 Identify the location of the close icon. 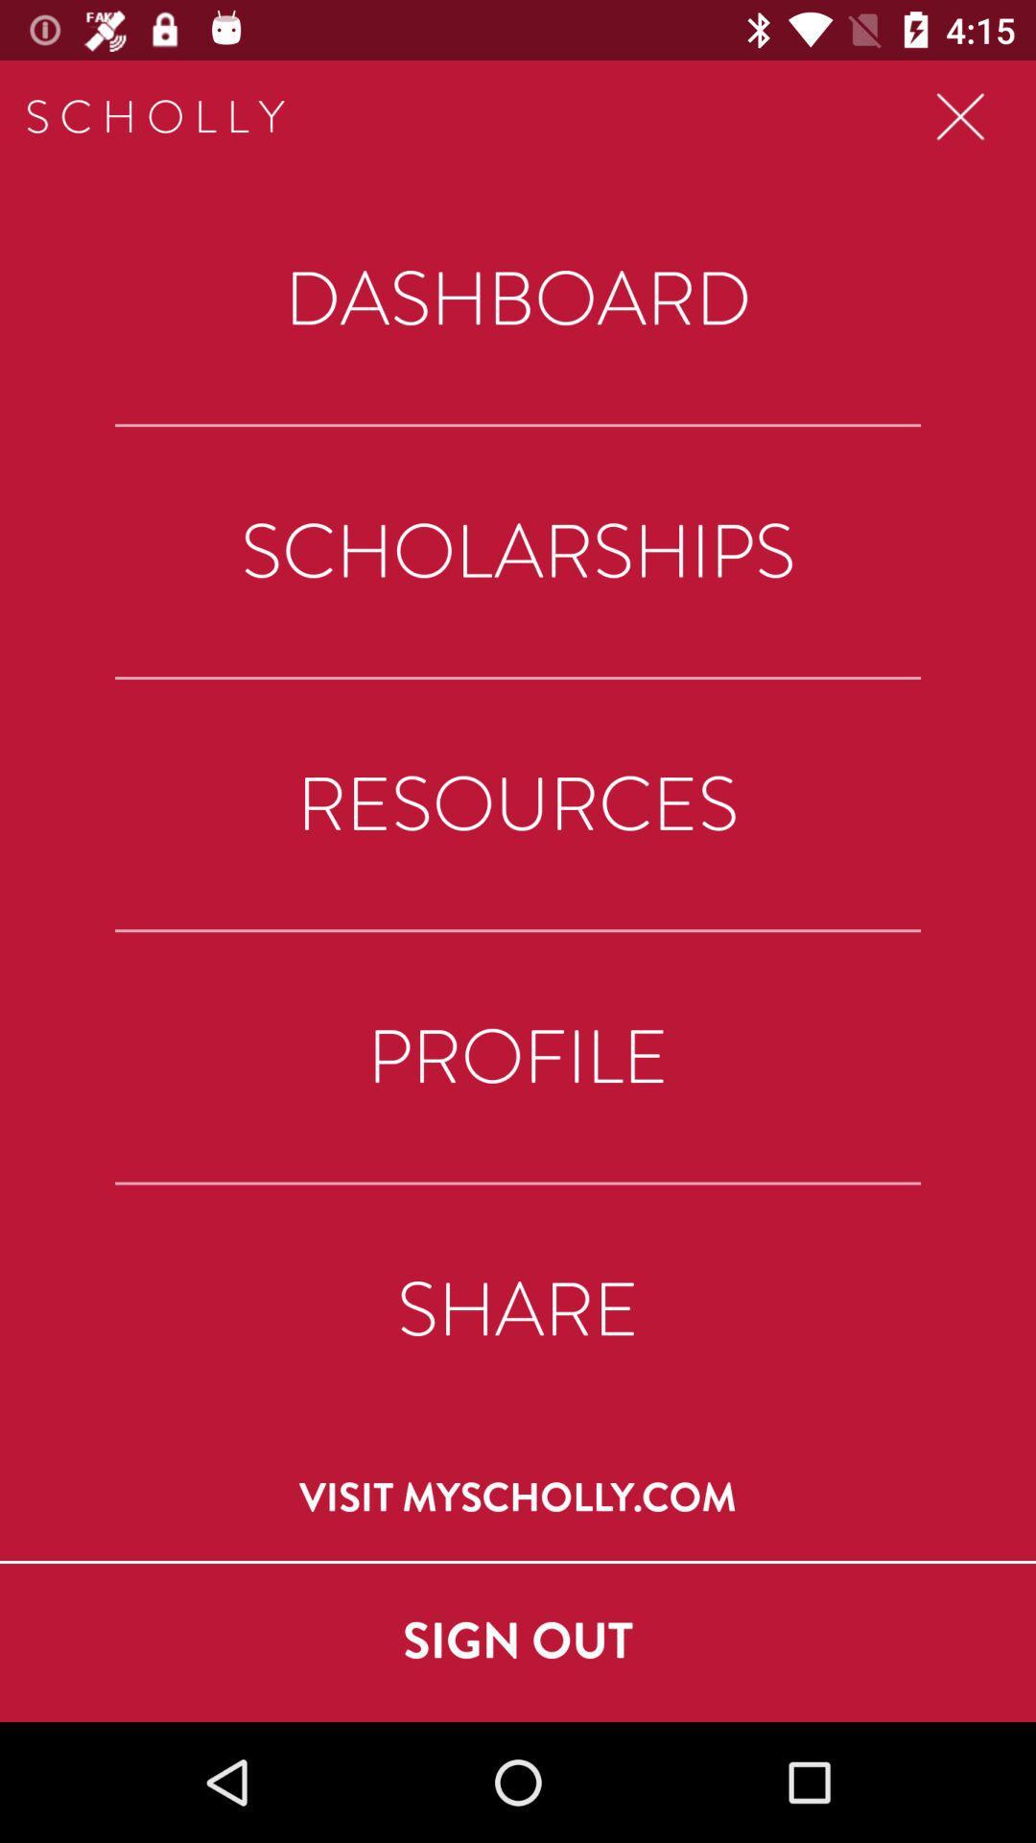
(960, 116).